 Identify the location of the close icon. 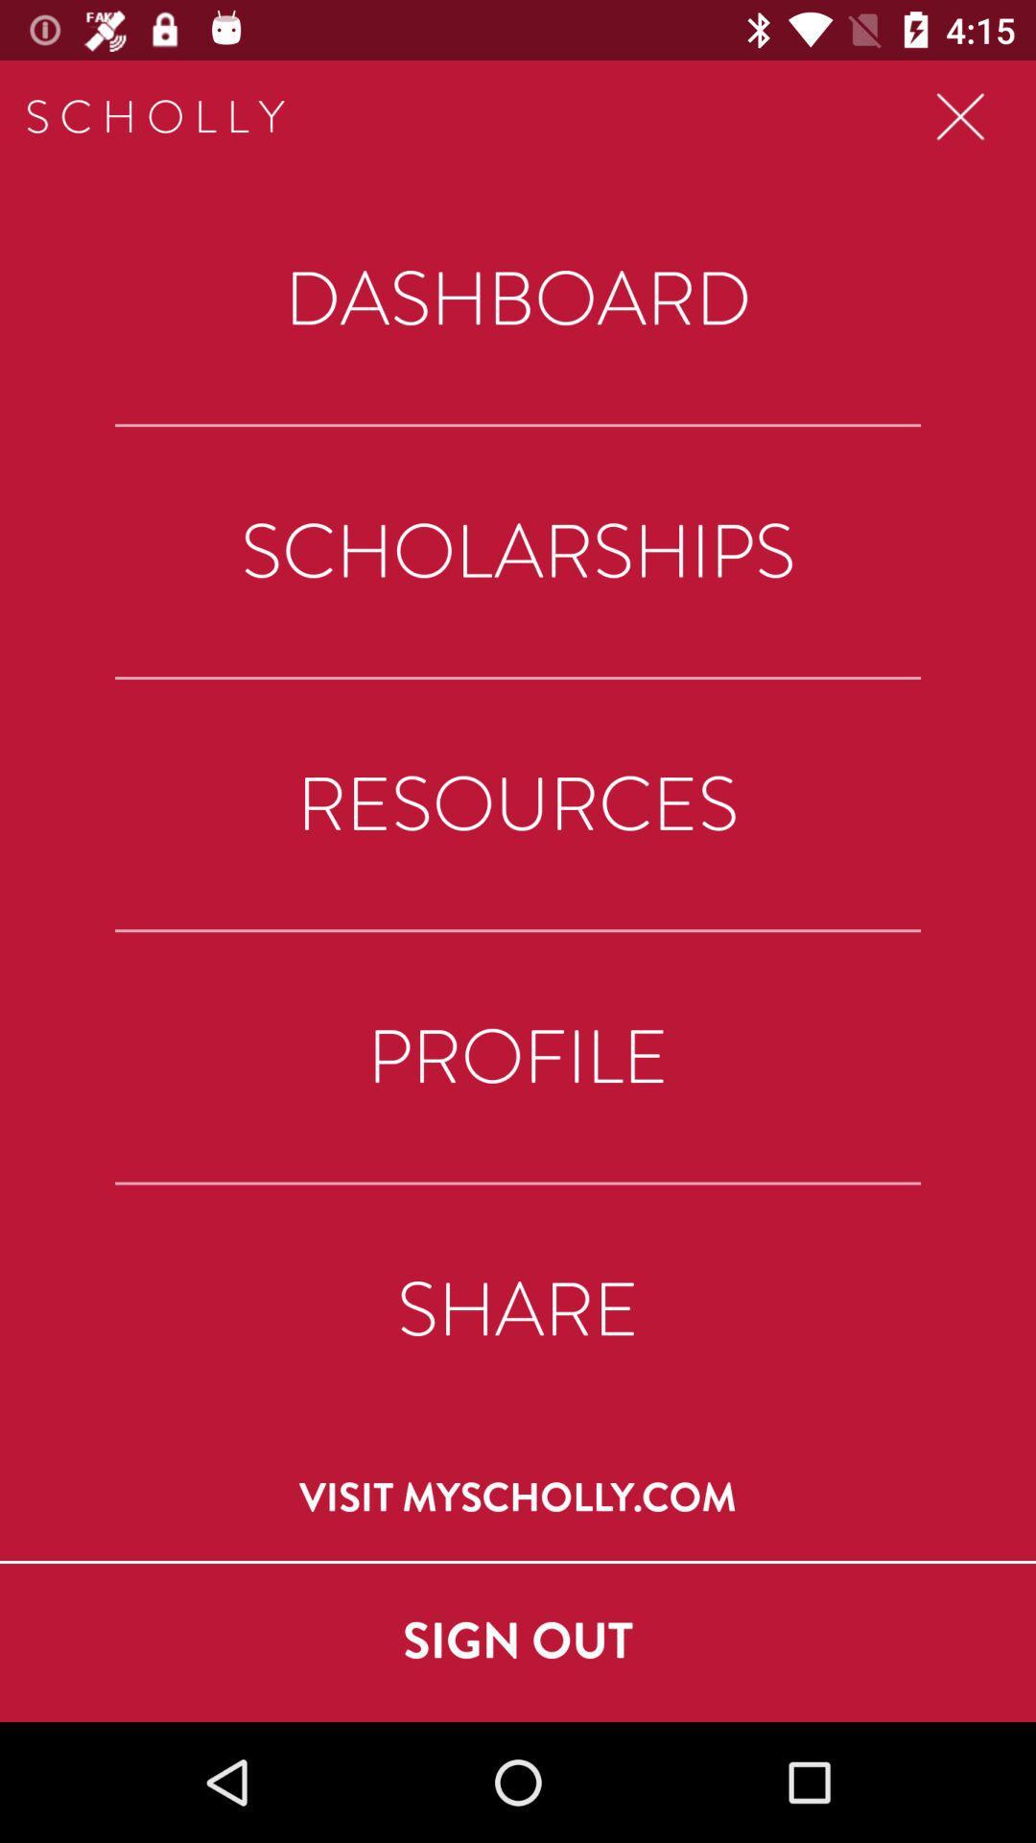
(960, 116).